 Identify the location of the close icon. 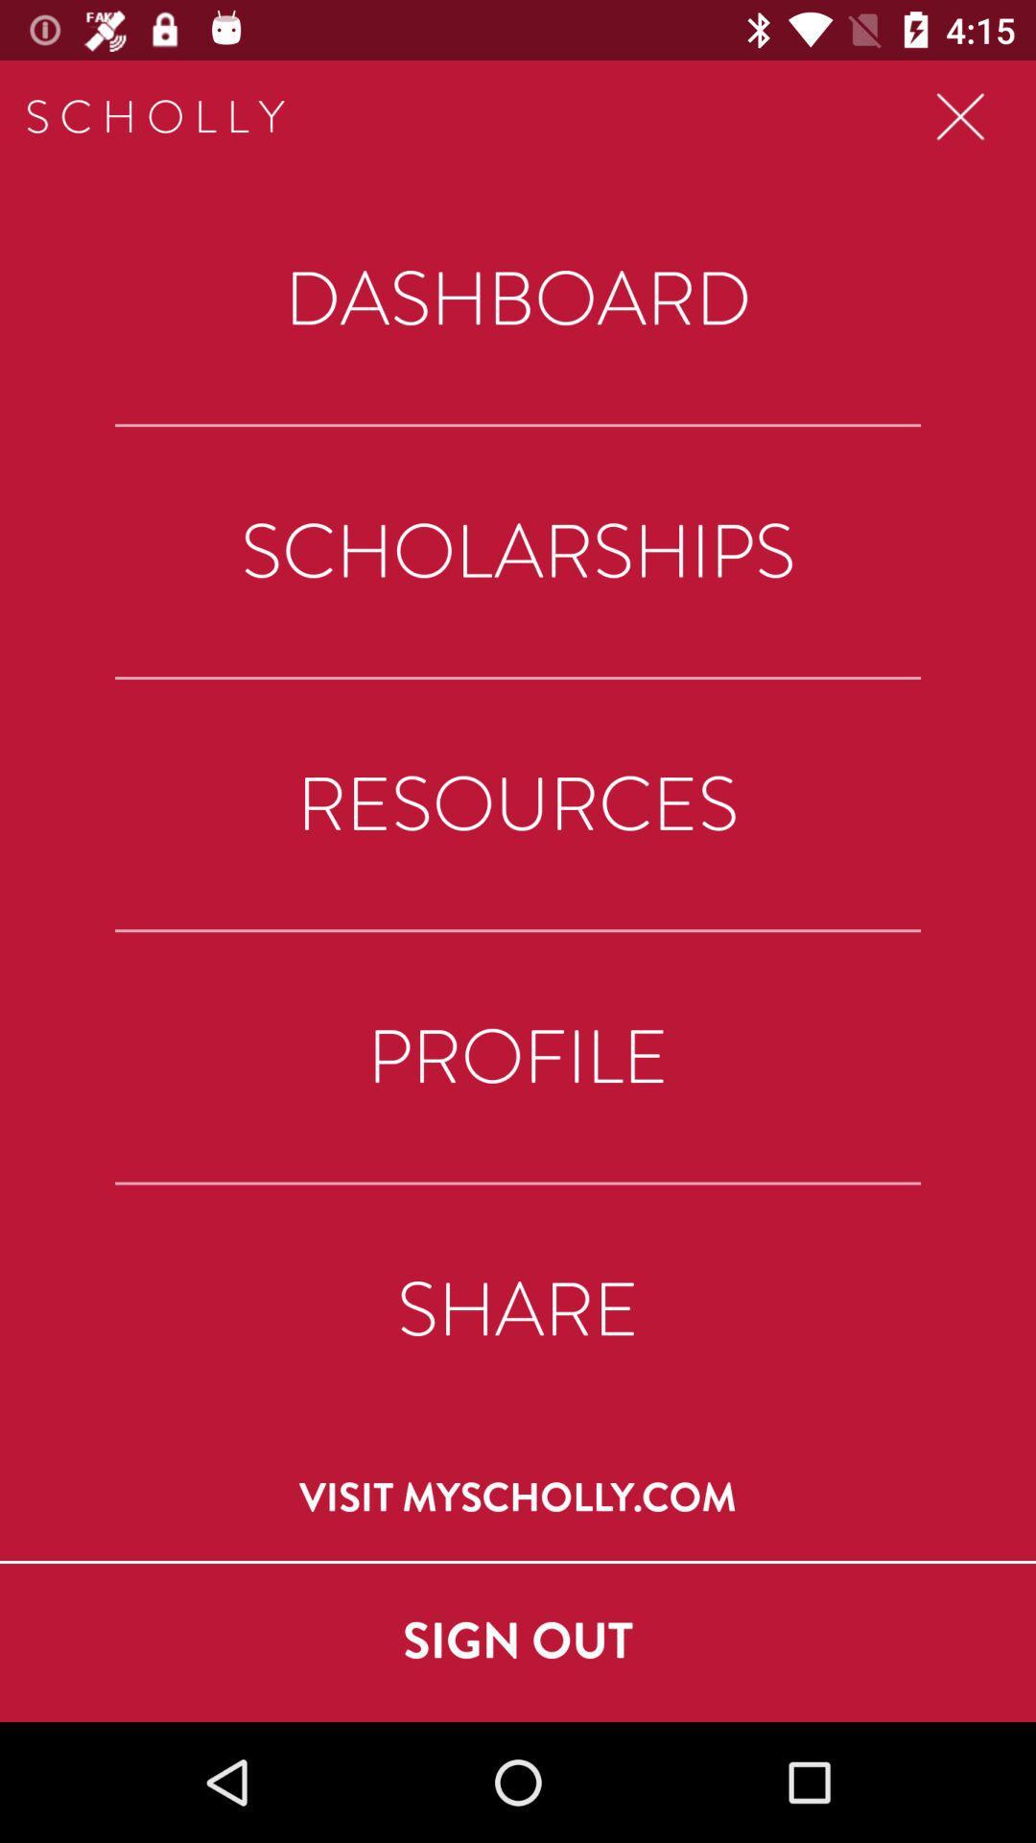
(960, 116).